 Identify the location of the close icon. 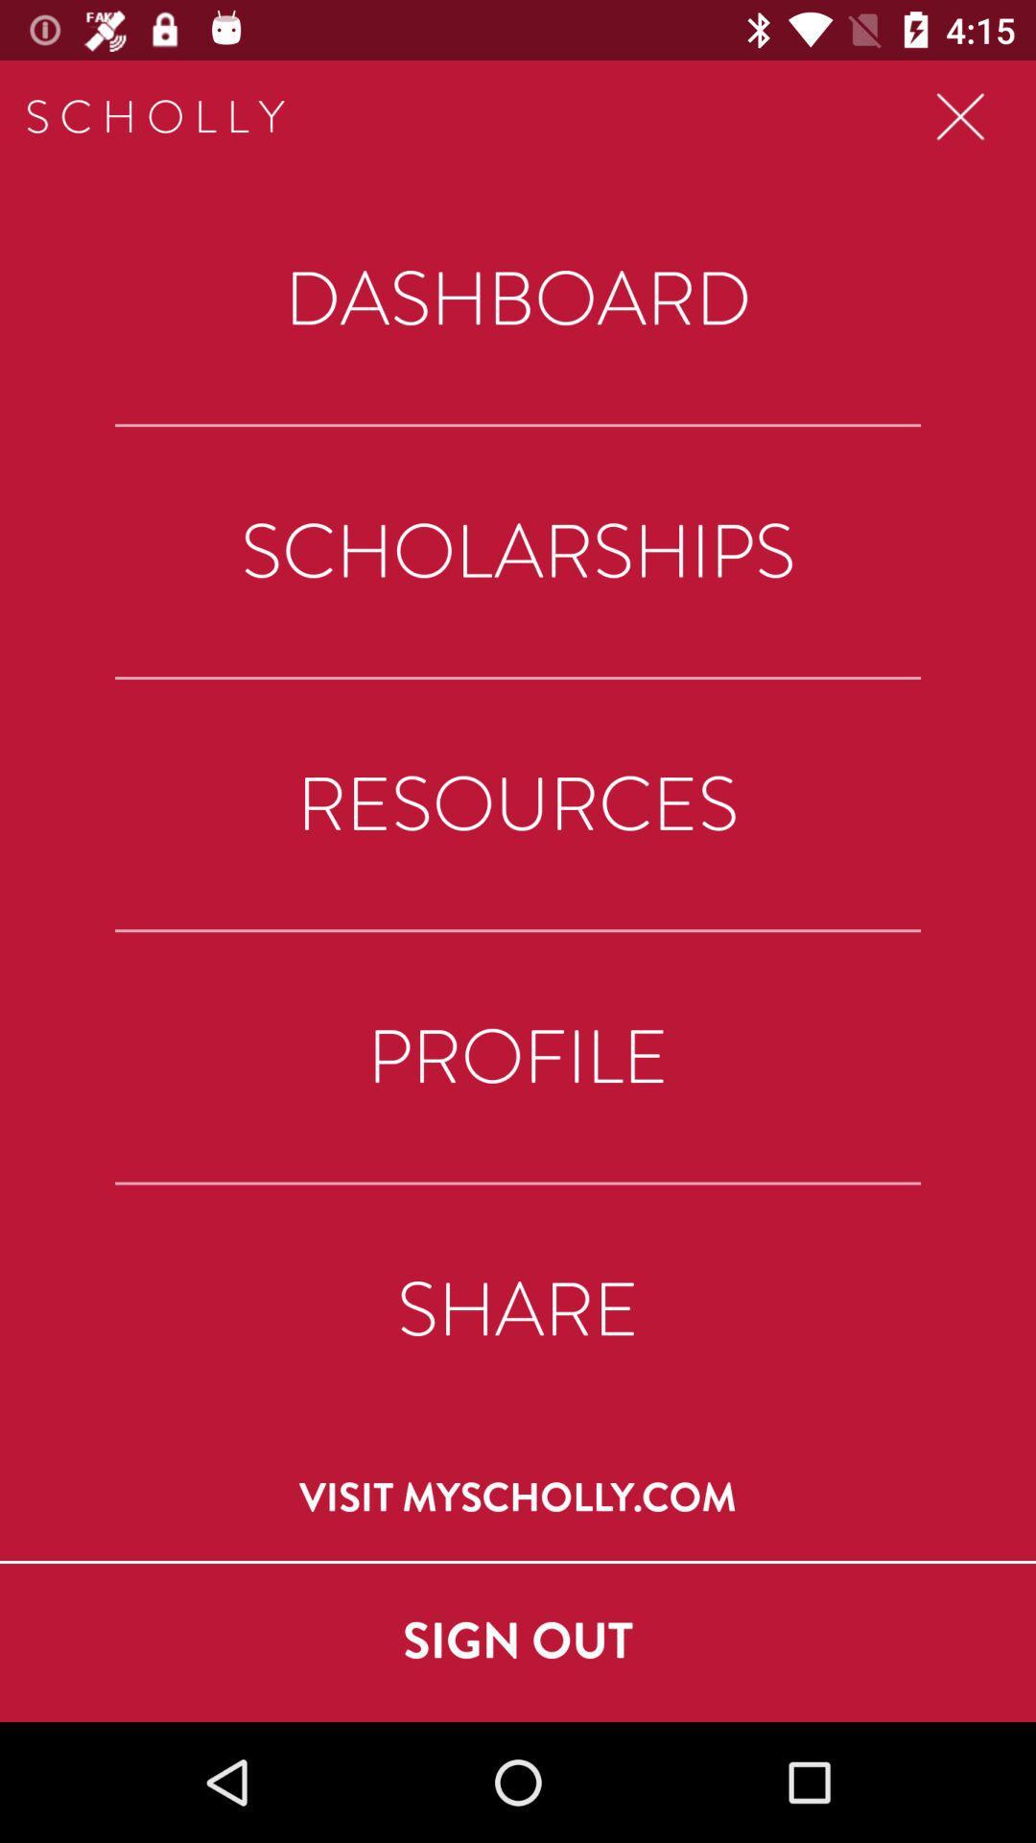
(960, 116).